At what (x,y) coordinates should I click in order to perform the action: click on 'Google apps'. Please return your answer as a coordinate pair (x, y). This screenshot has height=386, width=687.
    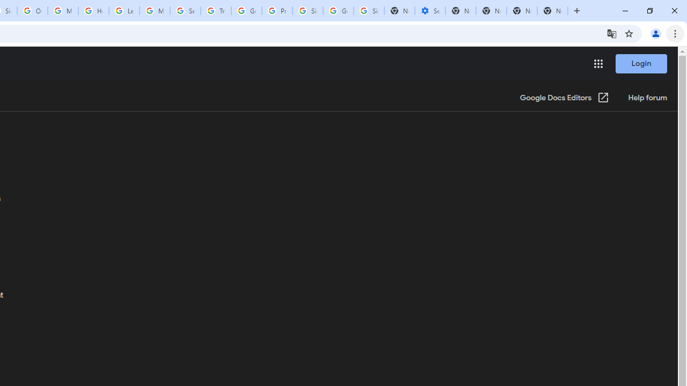
    Looking at the image, I should click on (597, 64).